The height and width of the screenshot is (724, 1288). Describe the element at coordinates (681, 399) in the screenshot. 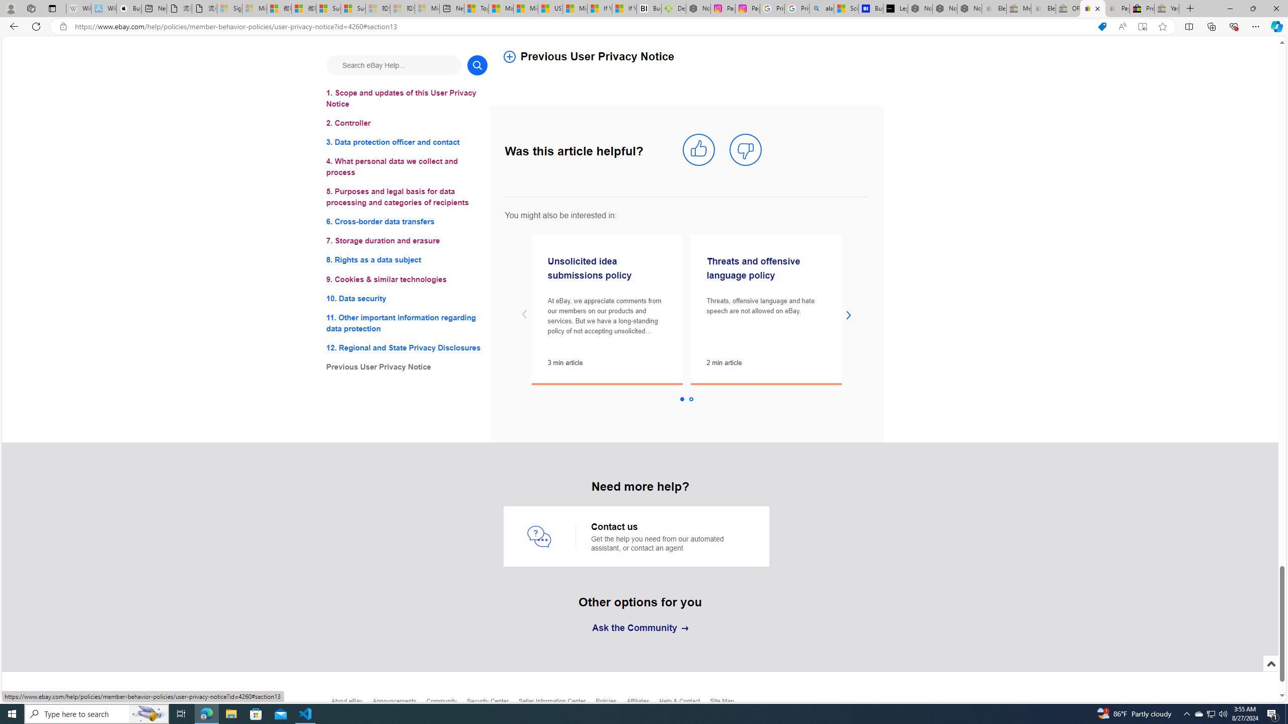

I see `'Slide 1 selected'` at that location.